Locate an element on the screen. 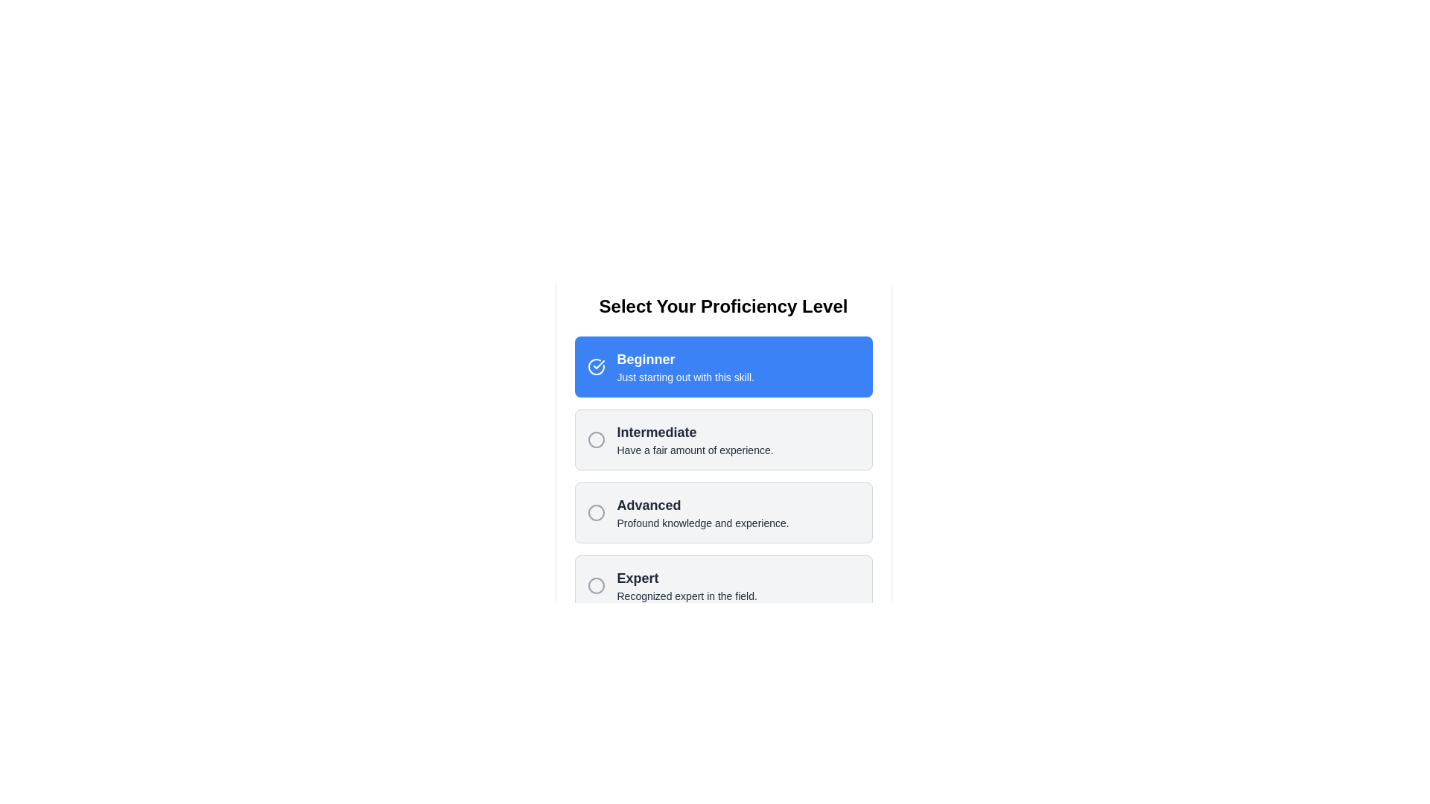 This screenshot has height=804, width=1430. the 'Advanced' proficiency level option in the selectable list is located at coordinates (723, 512).